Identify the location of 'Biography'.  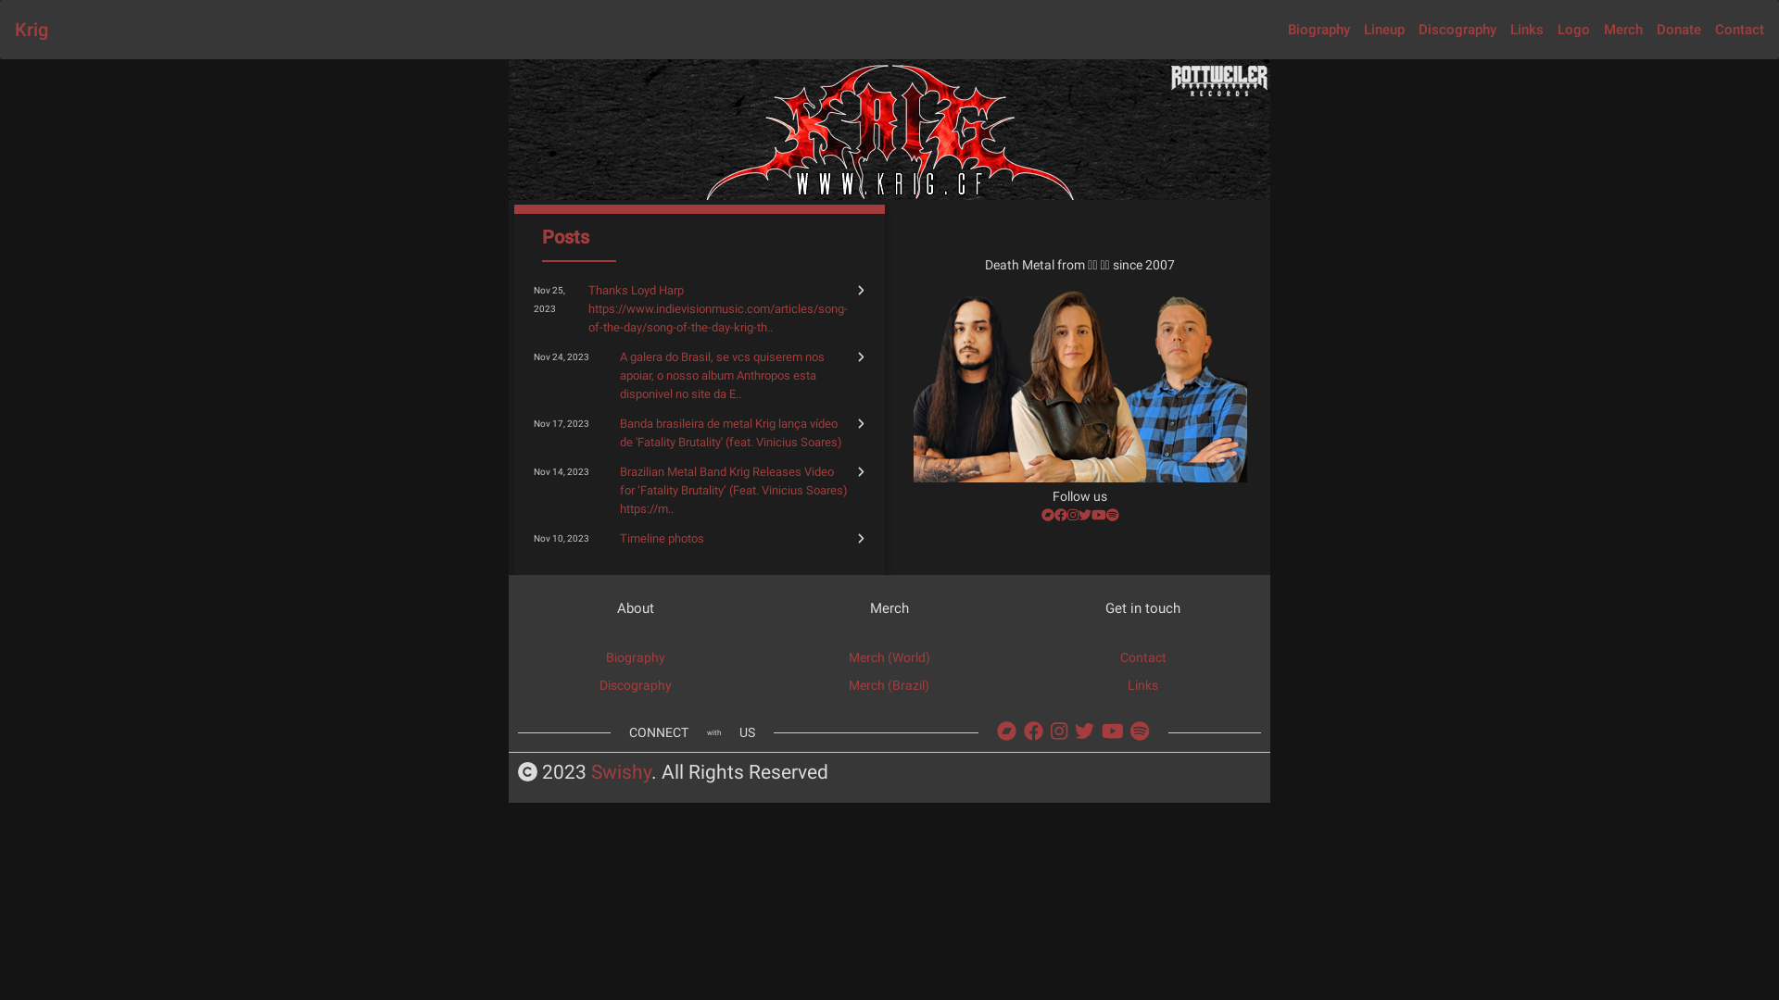
(636, 656).